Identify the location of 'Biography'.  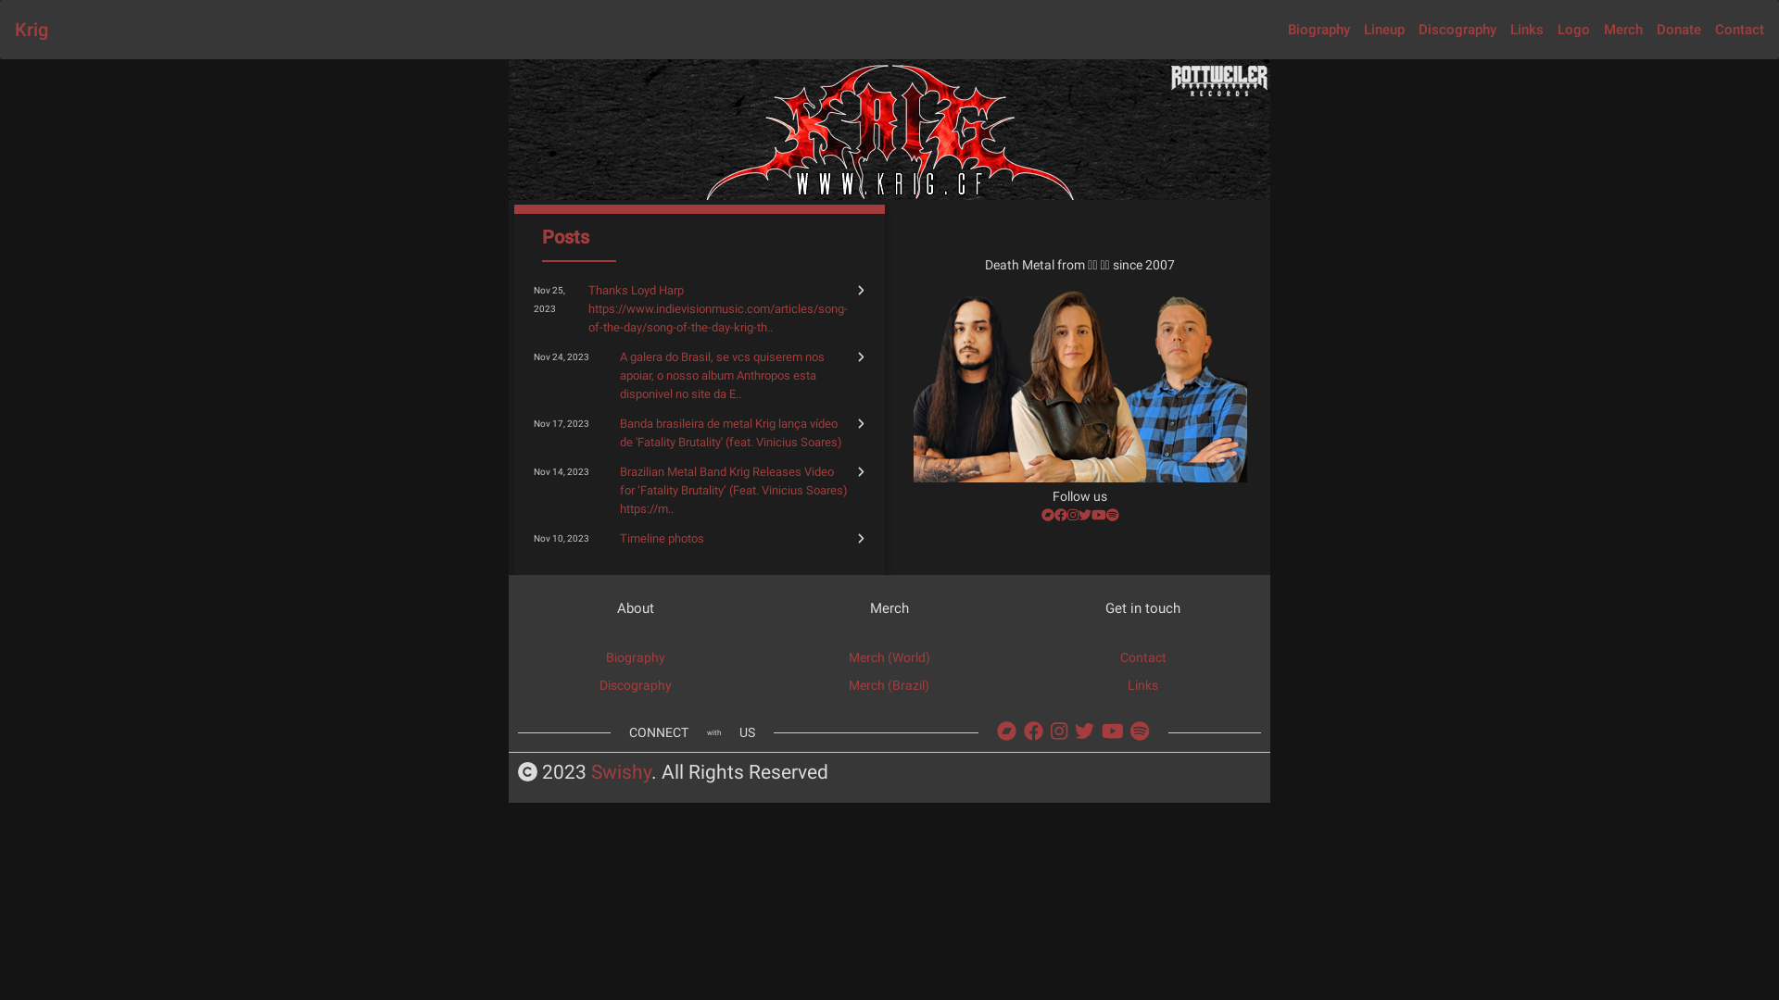
(636, 656).